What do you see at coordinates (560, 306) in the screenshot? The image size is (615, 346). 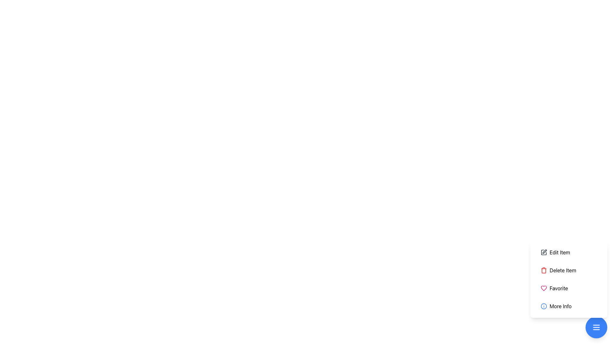 I see `the 'More Info' text label located in the dropdown menu, positioned below 'Favorite' and to the right of an information icon` at bounding box center [560, 306].